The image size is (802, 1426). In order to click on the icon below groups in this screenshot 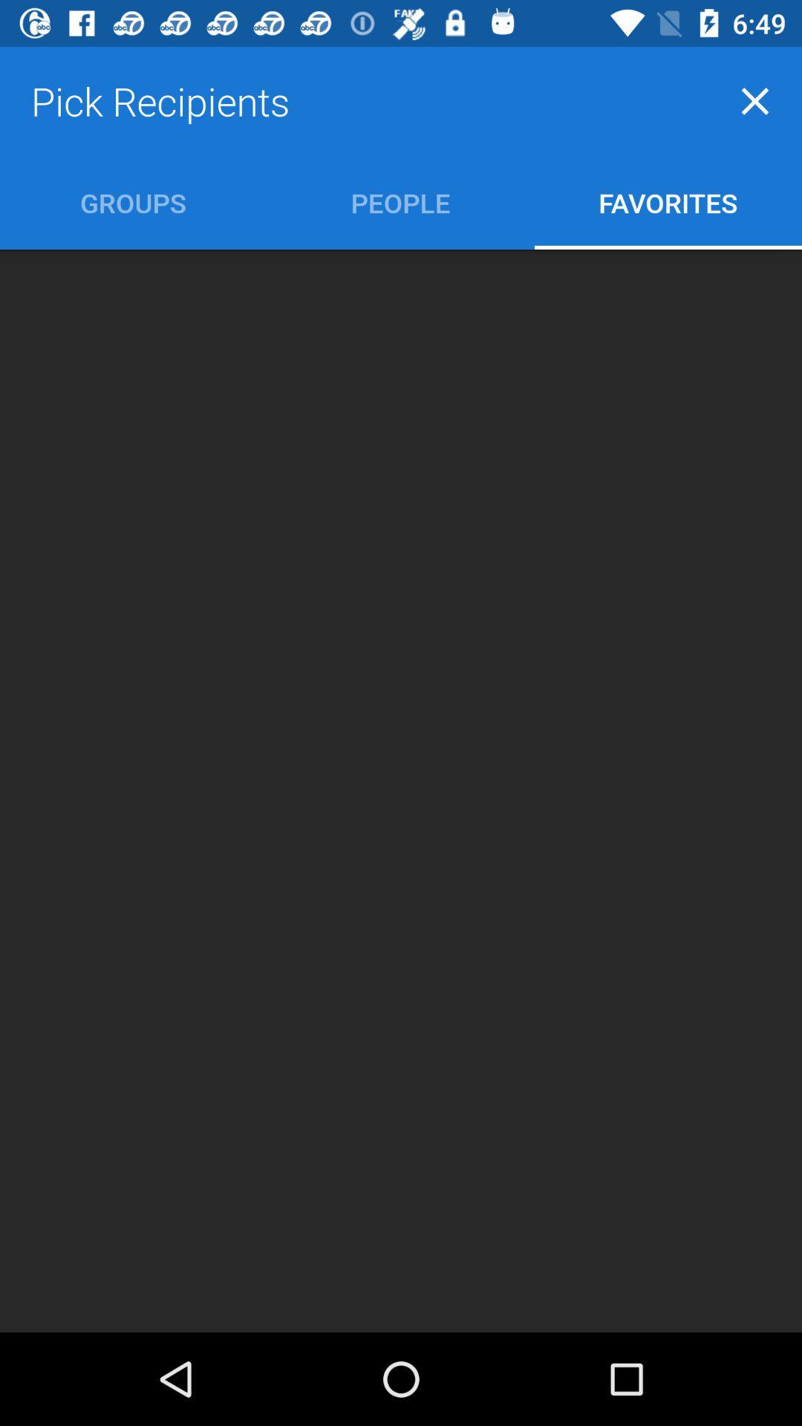, I will do `click(401, 790)`.